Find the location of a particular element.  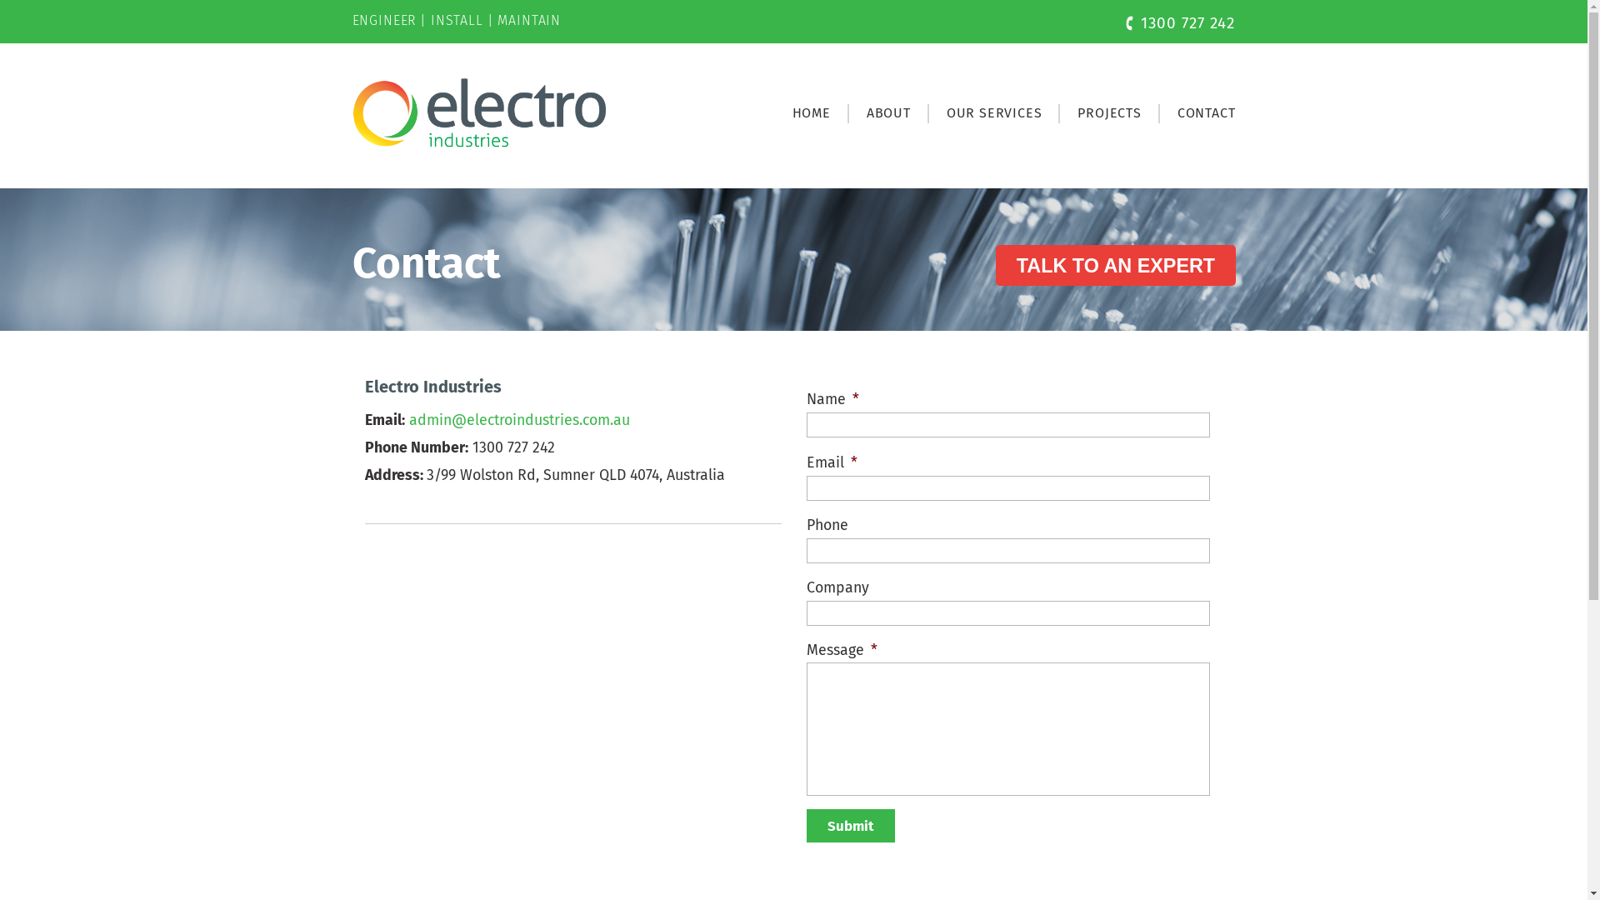

'admin@electroindustries.com.au' is located at coordinates (517, 419).